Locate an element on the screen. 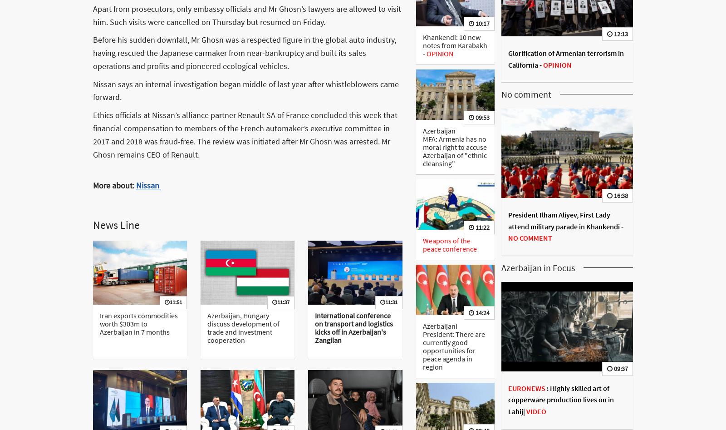 The height and width of the screenshot is (430, 726). 'Mehriban Aliyeva: Escalation of tensions in Israeli-Palestinian conflict zone is a serious concern' is located at coordinates (560, 14).